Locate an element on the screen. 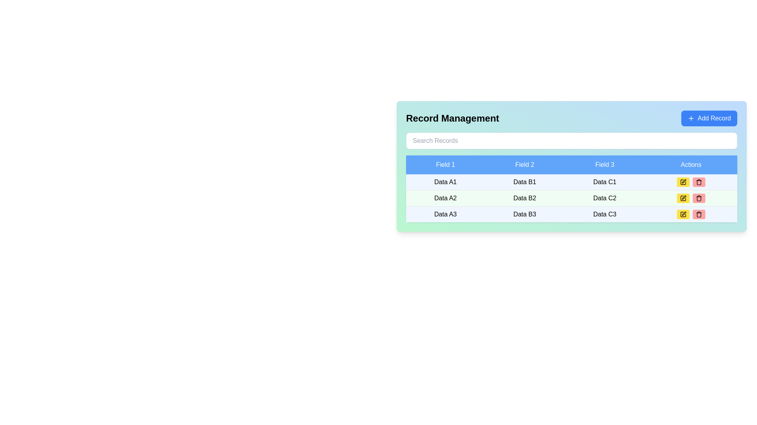  the delete icon button located in the 'Actions' column of the second row of the table to initiate the delete process is located at coordinates (699, 198).